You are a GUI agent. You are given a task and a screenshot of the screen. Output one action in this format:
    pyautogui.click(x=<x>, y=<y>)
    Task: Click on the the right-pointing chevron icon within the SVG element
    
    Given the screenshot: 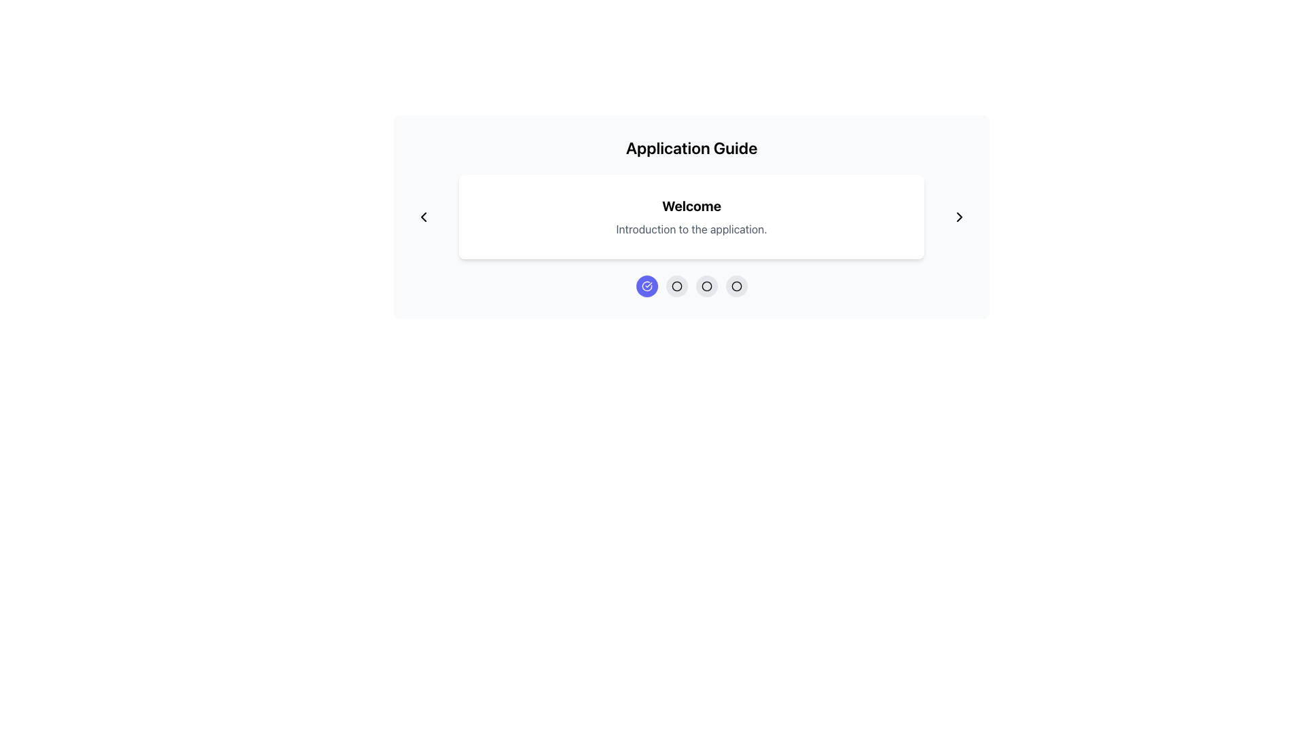 What is the action you would take?
    pyautogui.click(x=958, y=217)
    